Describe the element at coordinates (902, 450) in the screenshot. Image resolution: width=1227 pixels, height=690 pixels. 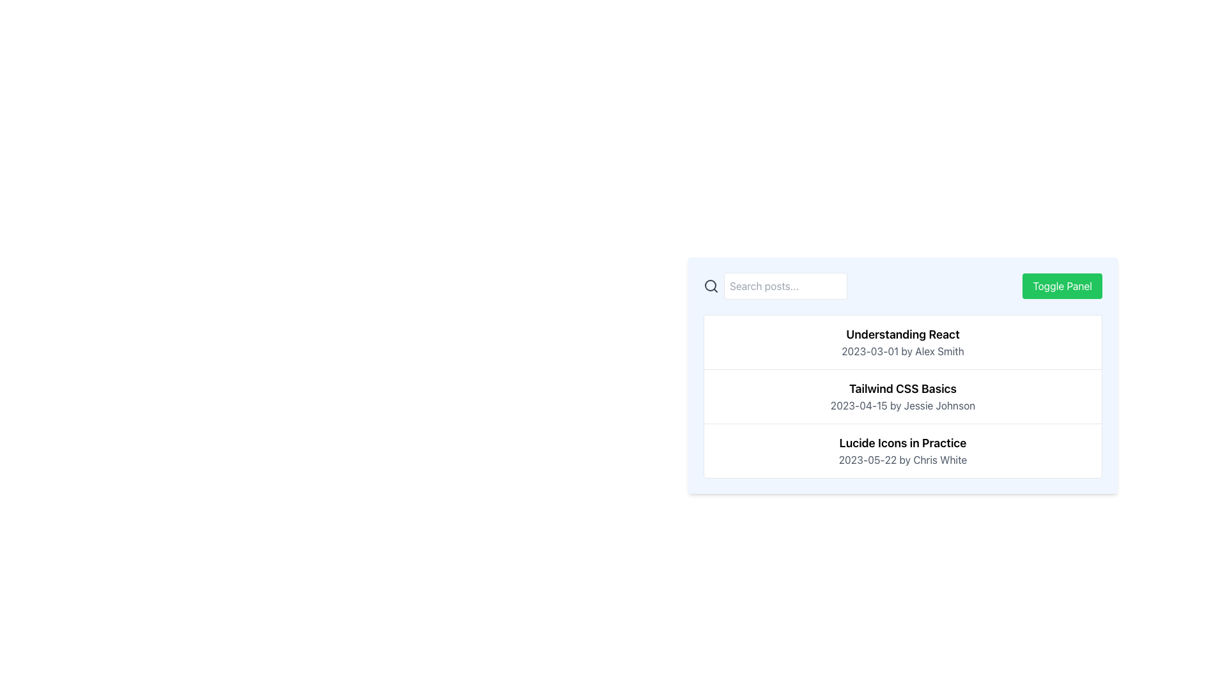
I see `the third list item titled 'Lucide Icons in Practice'` at that location.